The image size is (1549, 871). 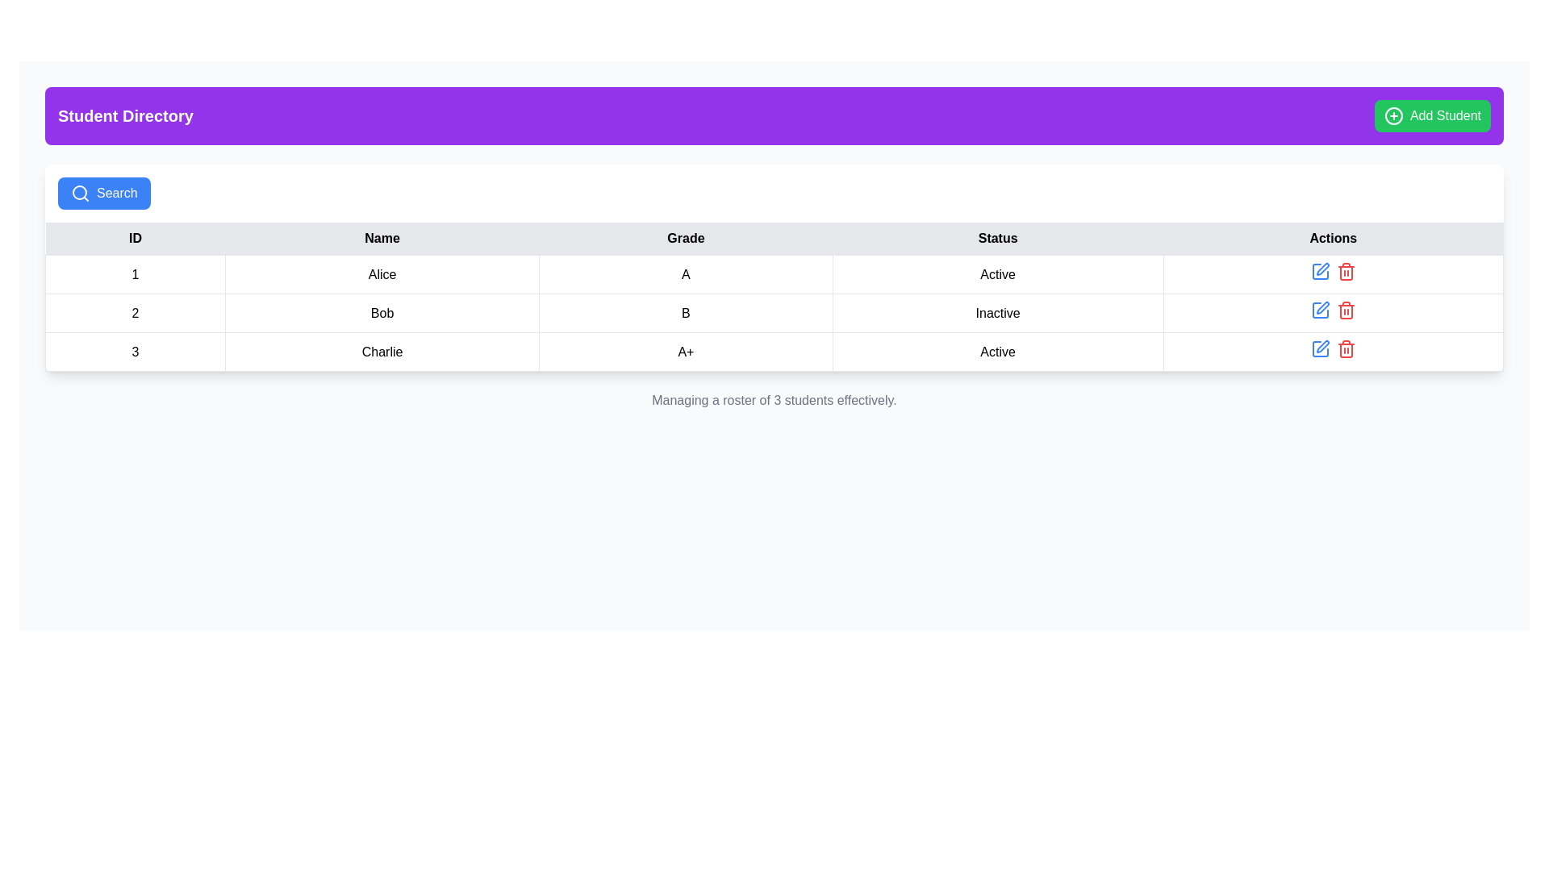 What do you see at coordinates (1333, 239) in the screenshot?
I see `the fifth header cell of the table, which indicates the 'Actions' column, located in the top-right area of the table` at bounding box center [1333, 239].